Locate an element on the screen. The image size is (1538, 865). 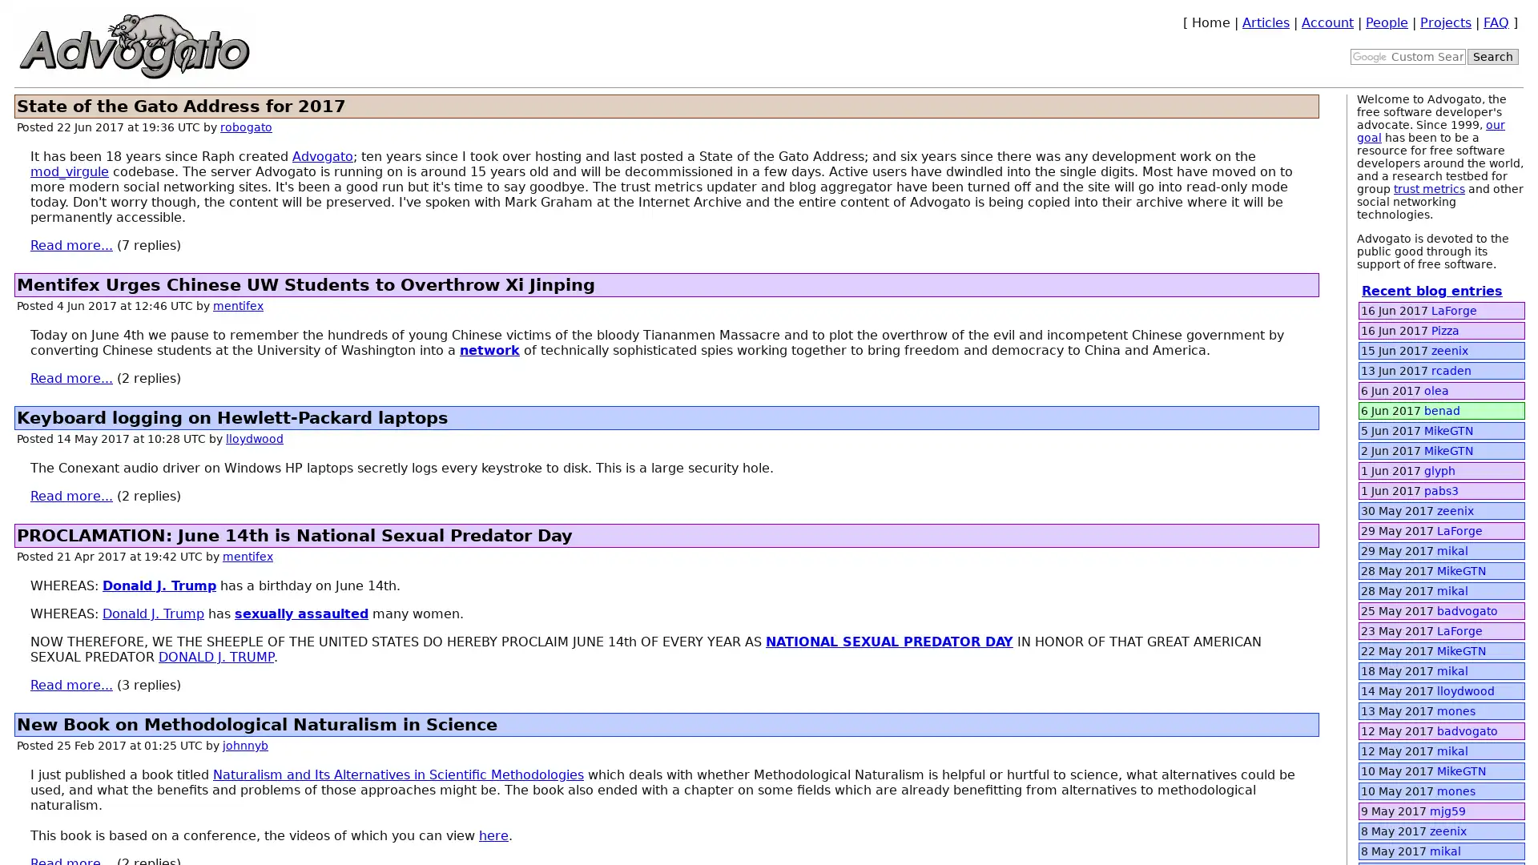
Search is located at coordinates (1492, 55).